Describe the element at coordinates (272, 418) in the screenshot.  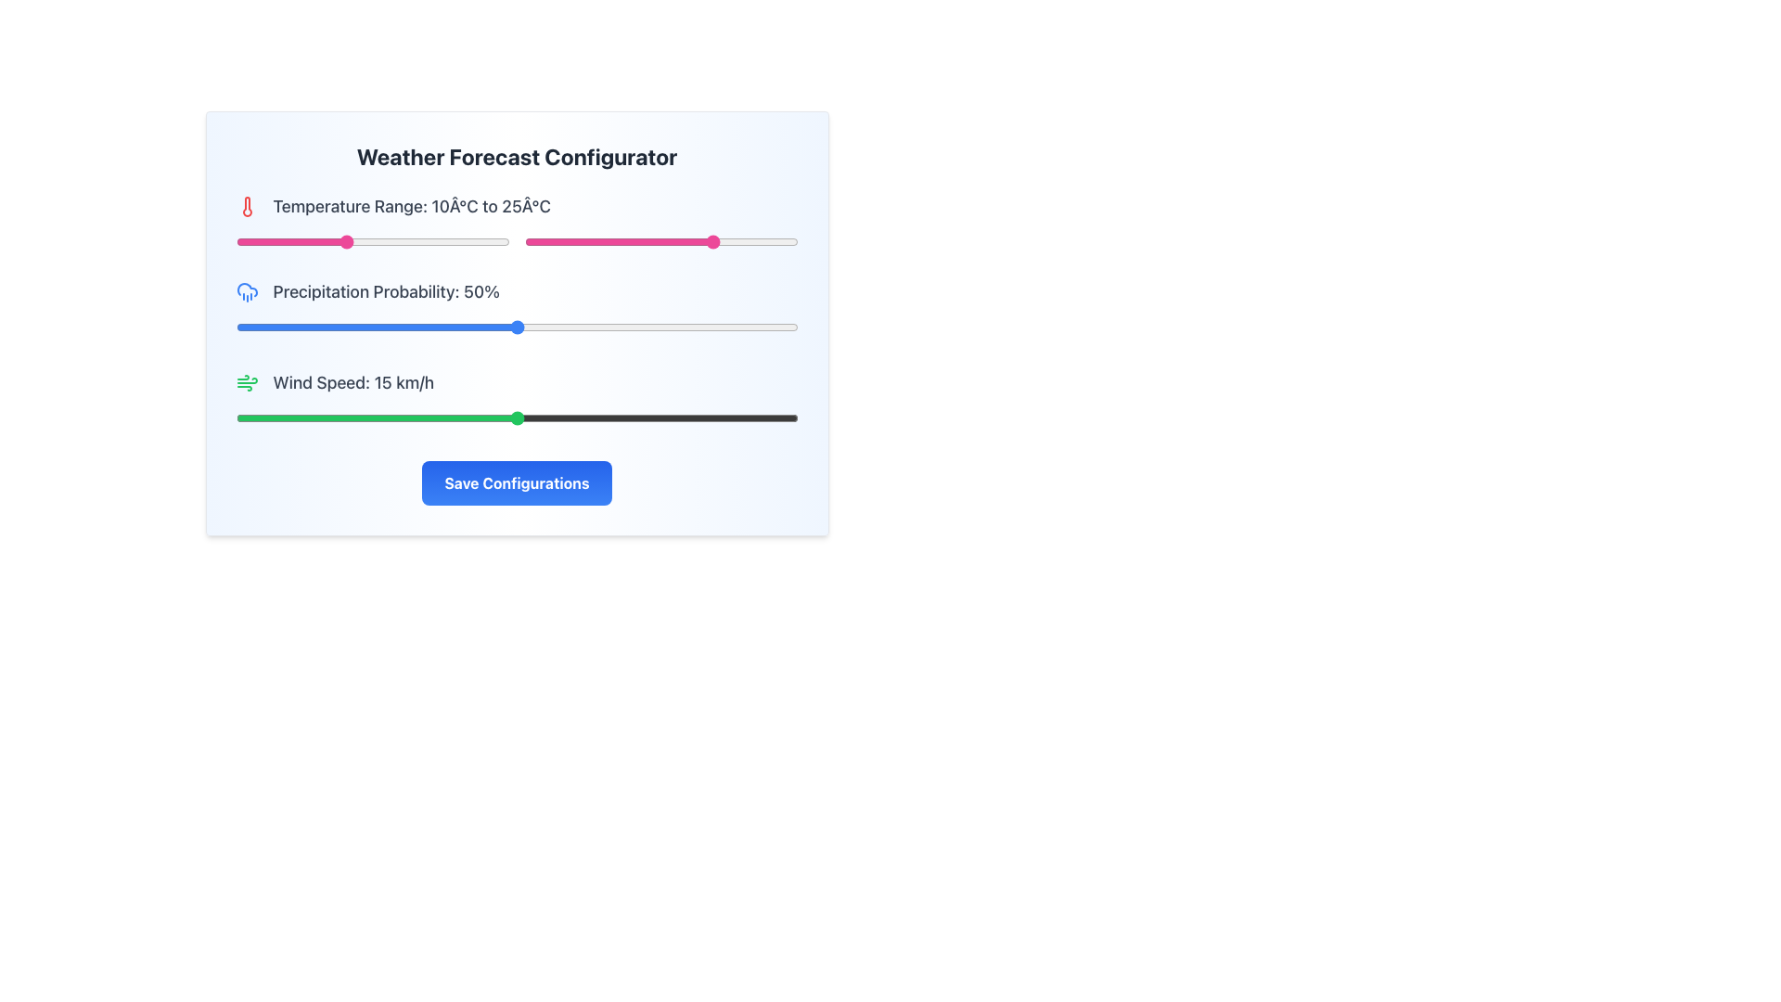
I see `the wind speed` at that location.